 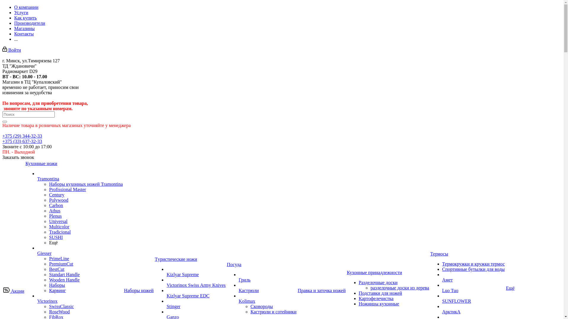 What do you see at coordinates (49, 311) in the screenshot?
I see `'RoseWood'` at bounding box center [49, 311].